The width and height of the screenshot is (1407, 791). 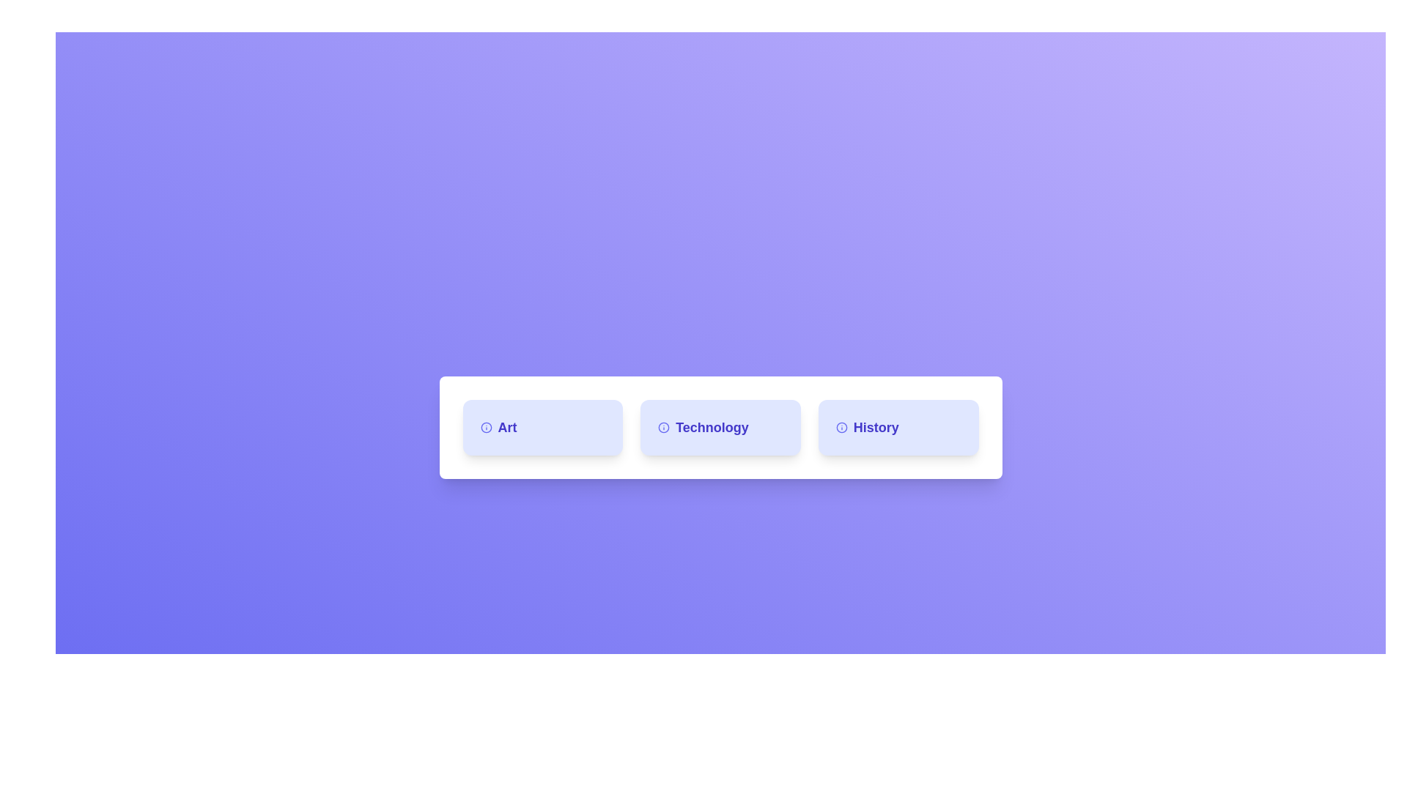 I want to click on the Option Card labeled 'Art' which is styled in light indigo with rounded corners to initiate a hover effect, so click(x=542, y=427).